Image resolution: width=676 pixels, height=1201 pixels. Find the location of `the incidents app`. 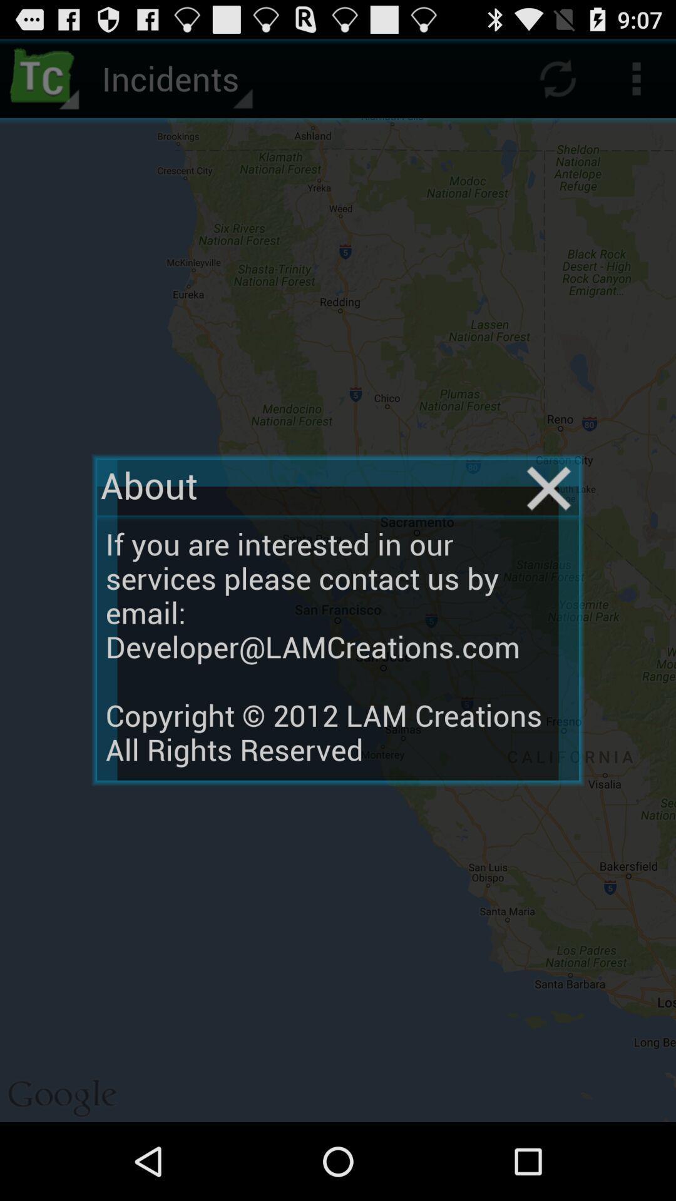

the incidents app is located at coordinates (175, 78).